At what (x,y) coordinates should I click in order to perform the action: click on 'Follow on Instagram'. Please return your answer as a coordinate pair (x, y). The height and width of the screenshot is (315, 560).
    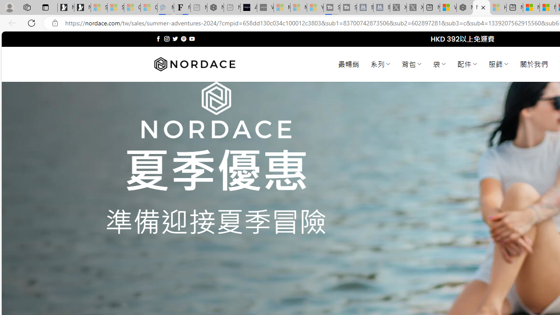
    Looking at the image, I should click on (167, 38).